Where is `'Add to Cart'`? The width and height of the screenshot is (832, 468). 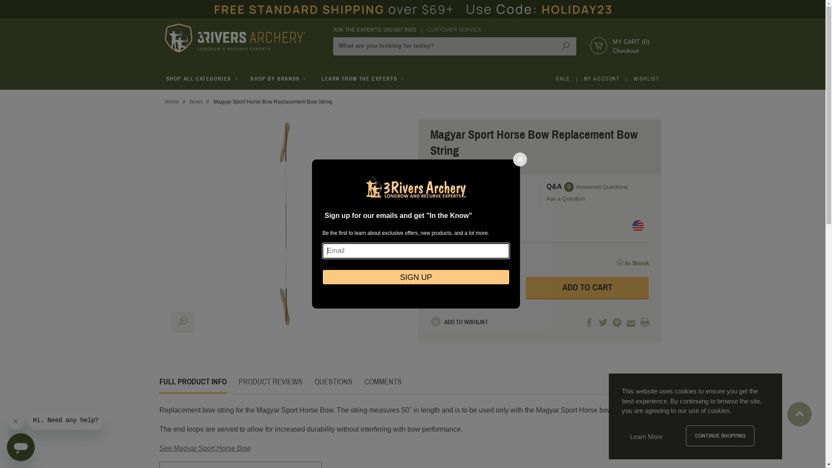 'Add to Cart' is located at coordinates (587, 288).